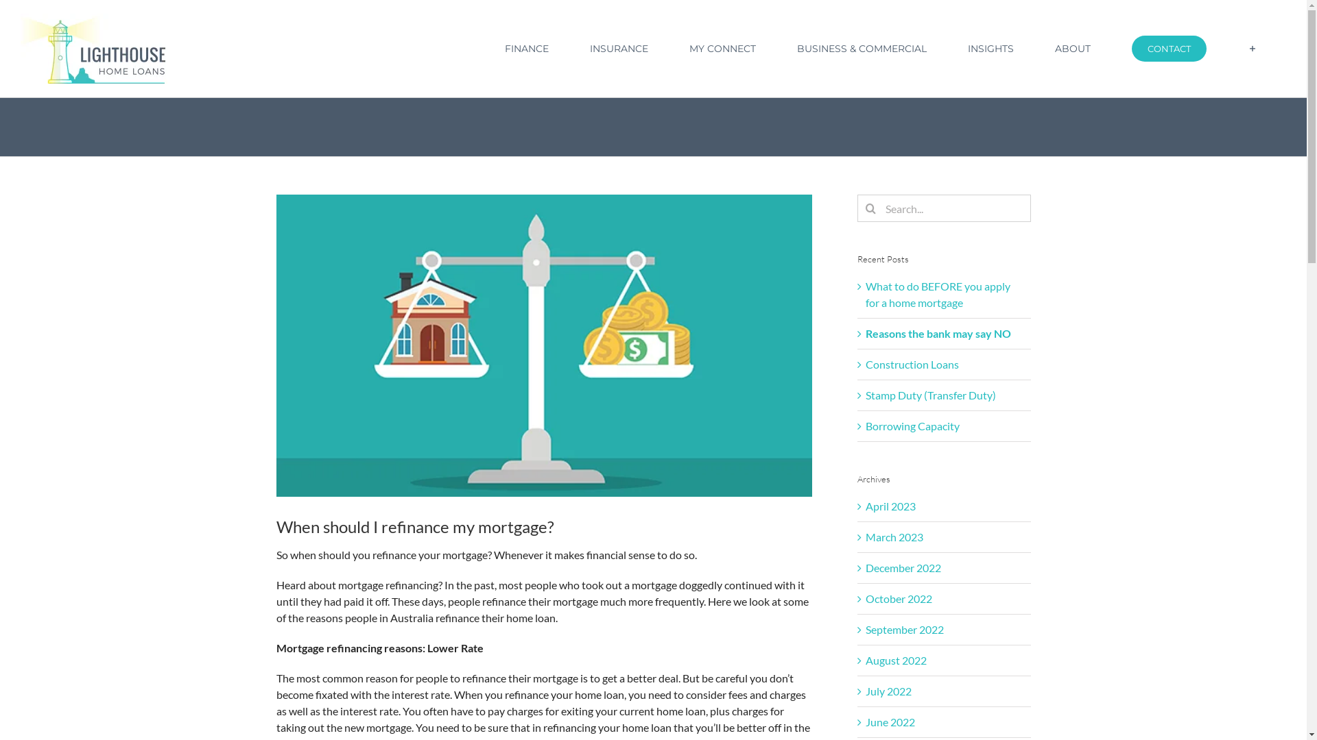 This screenshot has width=1317, height=740. Describe the element at coordinates (525, 47) in the screenshot. I see `'FINANCE'` at that location.